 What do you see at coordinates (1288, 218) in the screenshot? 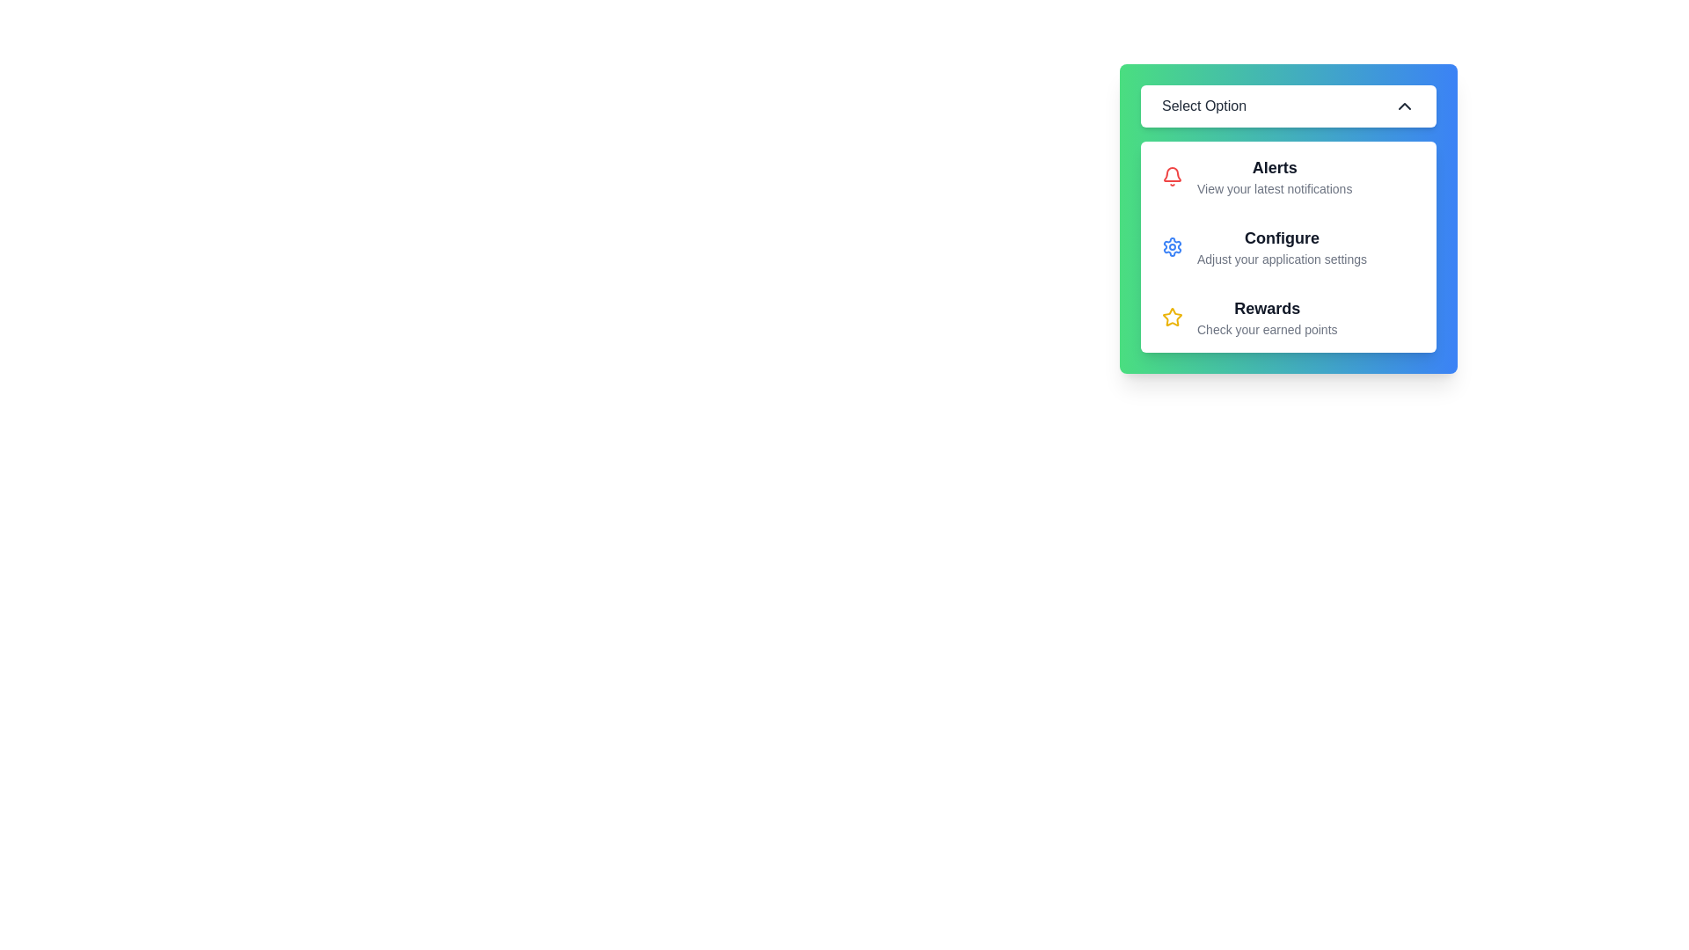
I see `the second menu entry below 'Select Option'` at bounding box center [1288, 218].